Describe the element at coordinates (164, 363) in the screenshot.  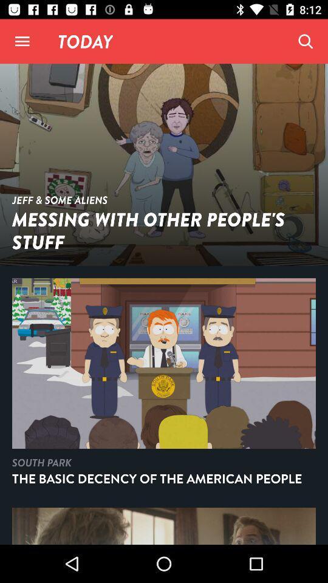
I see `second image` at that location.